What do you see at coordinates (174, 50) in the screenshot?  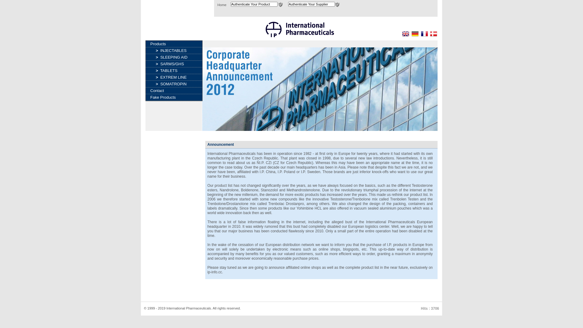 I see `'     >  INJECTABLES'` at bounding box center [174, 50].